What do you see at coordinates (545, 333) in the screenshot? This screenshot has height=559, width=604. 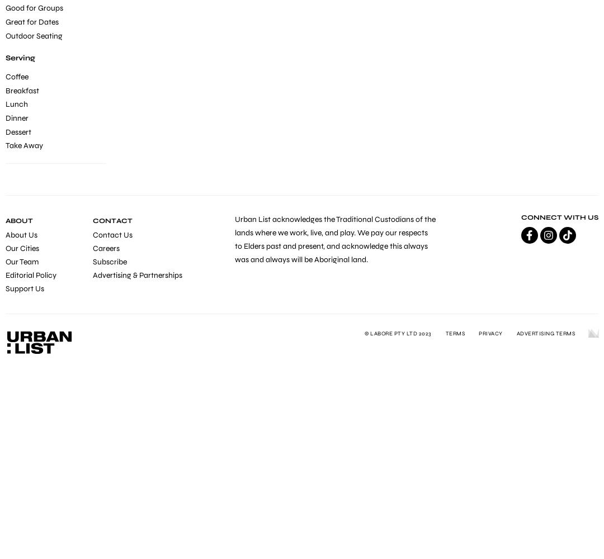 I see `'Advertising Terms'` at bounding box center [545, 333].